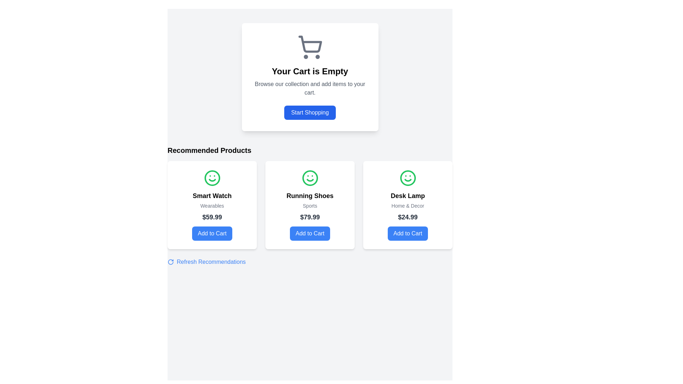  What do you see at coordinates (310, 112) in the screenshot?
I see `the call-to-action button located at the bottom of the 'Your Cart is Empty' card` at bounding box center [310, 112].